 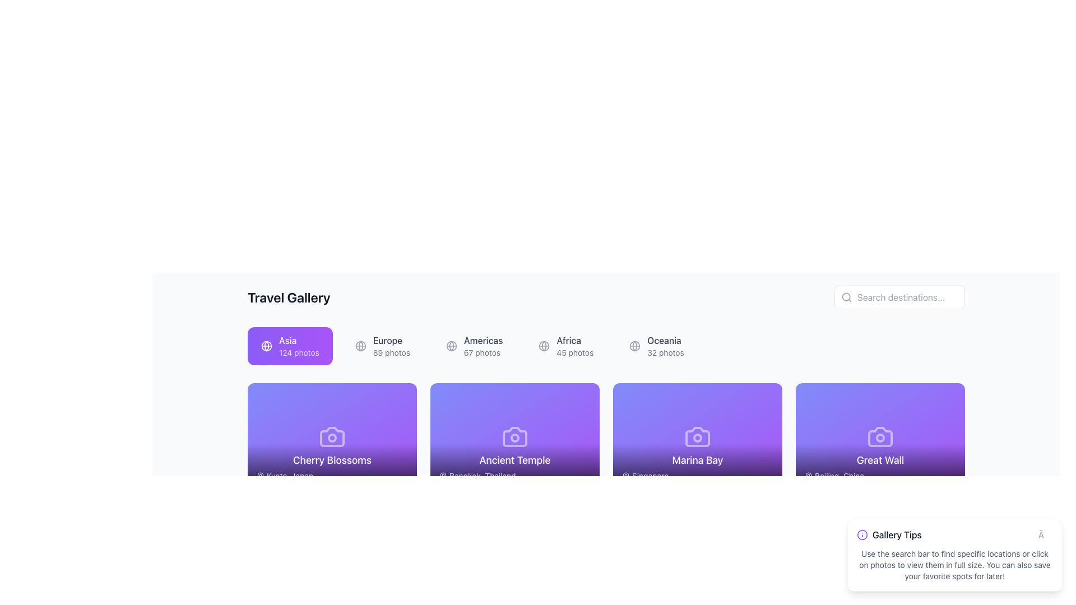 What do you see at coordinates (474, 345) in the screenshot?
I see `the 'Americas' button, which displays 'Americas' in bold with '67 photos' beneath it and a globe icon on the left` at bounding box center [474, 345].